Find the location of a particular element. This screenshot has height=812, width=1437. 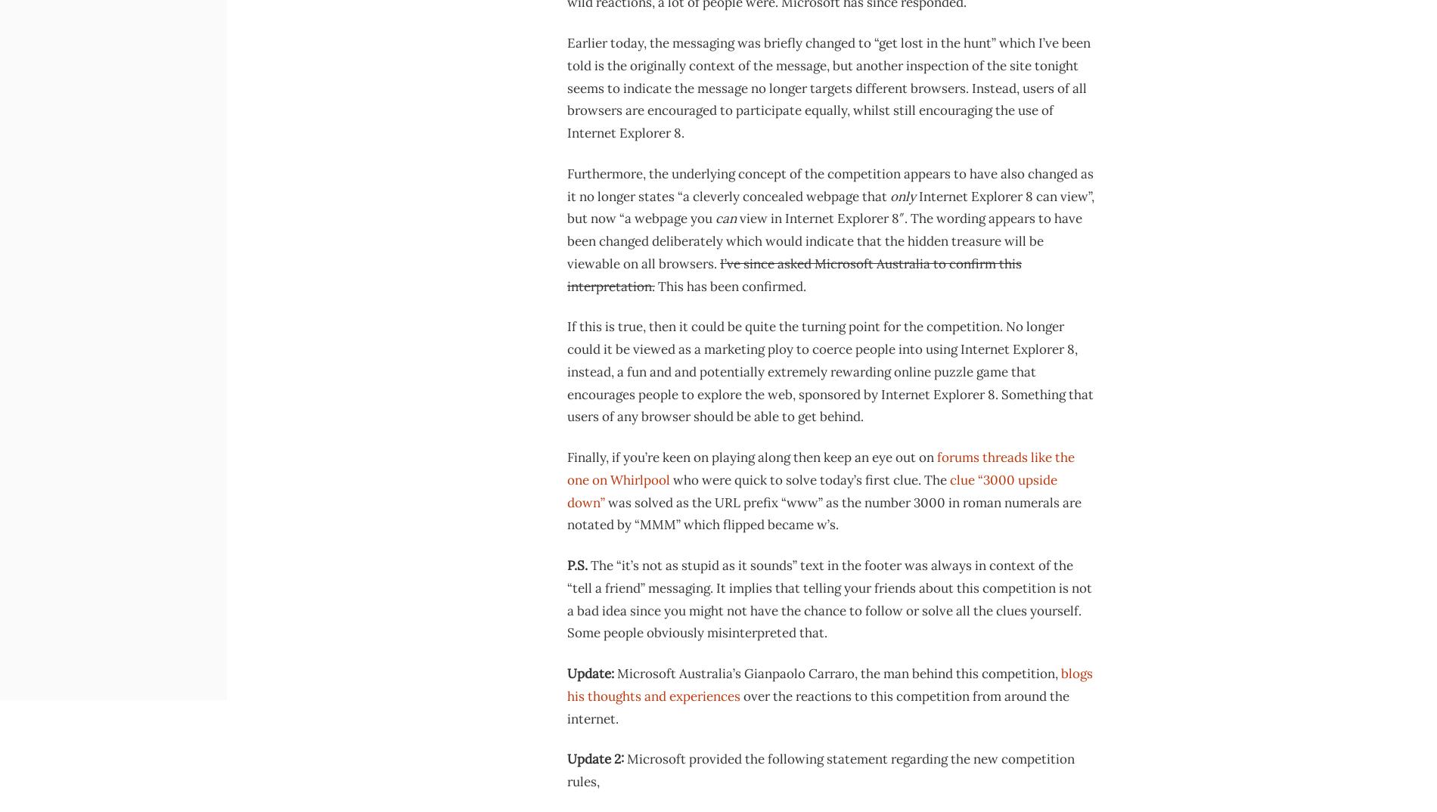

'Finally, if you’re keen on playing along then keep an eye out on' is located at coordinates (752, 457).